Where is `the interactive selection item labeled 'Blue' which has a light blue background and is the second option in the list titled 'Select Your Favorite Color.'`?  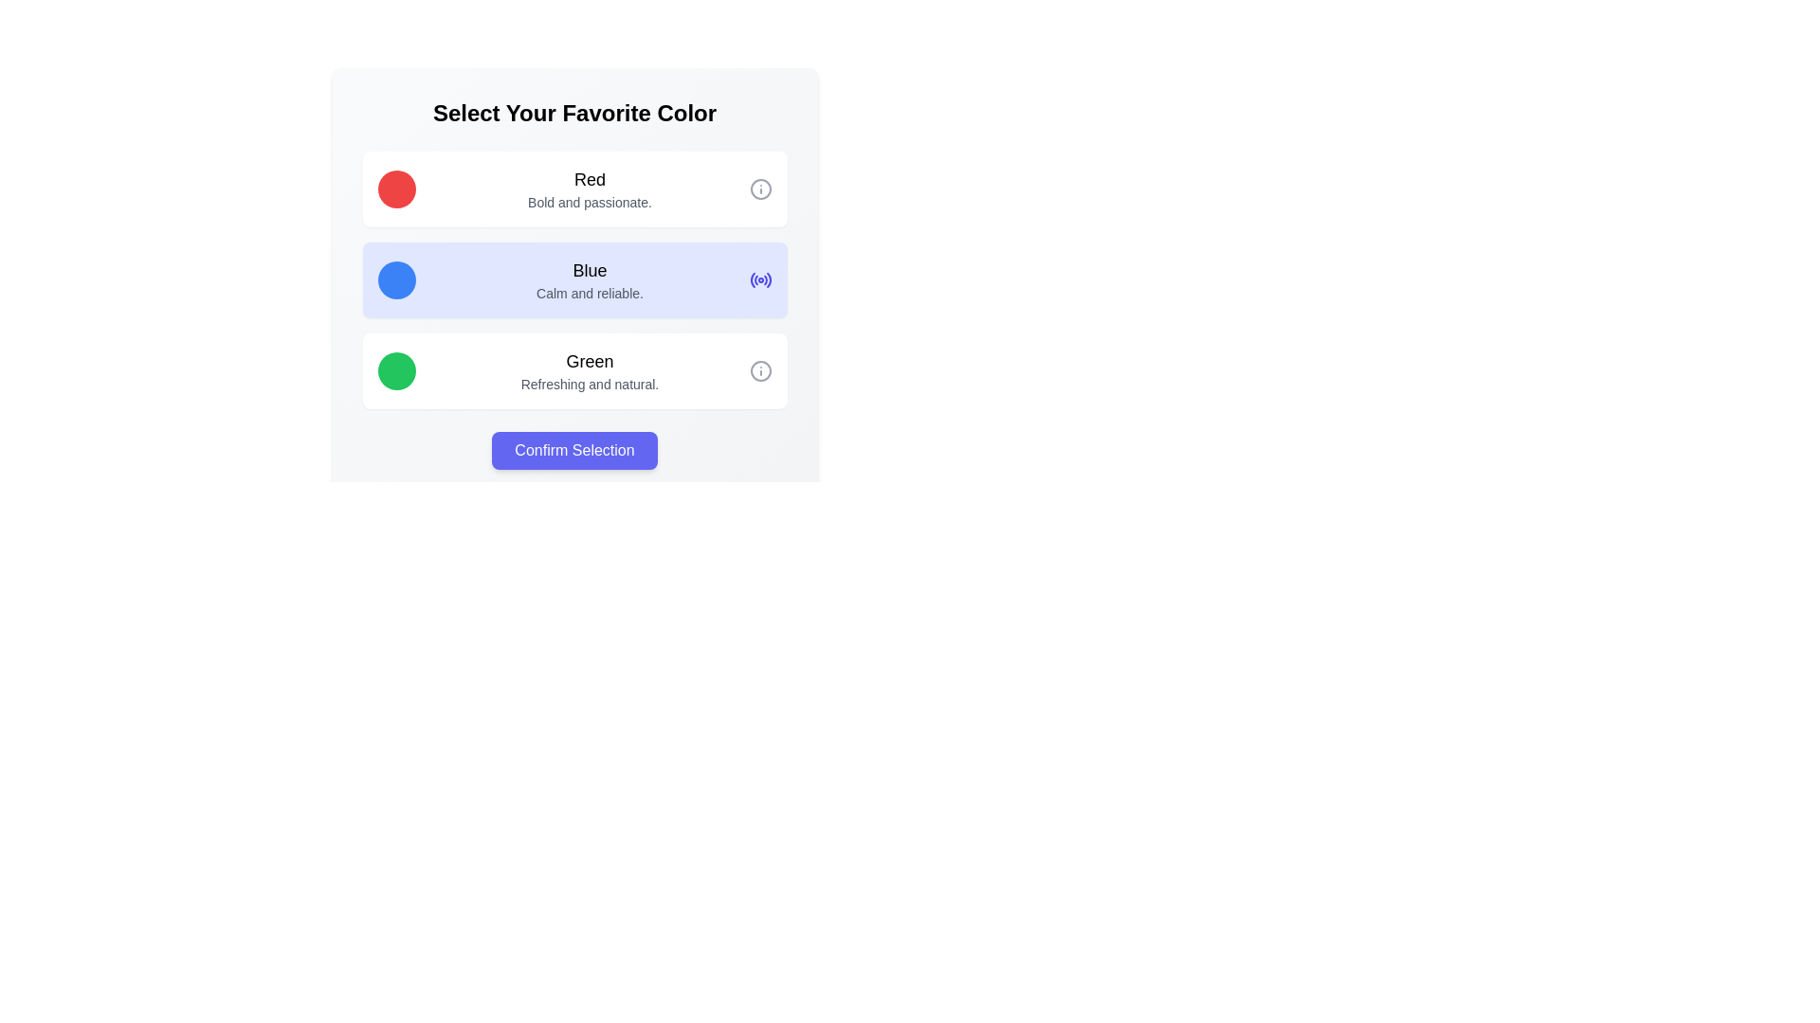 the interactive selection item labeled 'Blue' which has a light blue background and is the second option in the list titled 'Select Your Favorite Color.' is located at coordinates (573, 284).